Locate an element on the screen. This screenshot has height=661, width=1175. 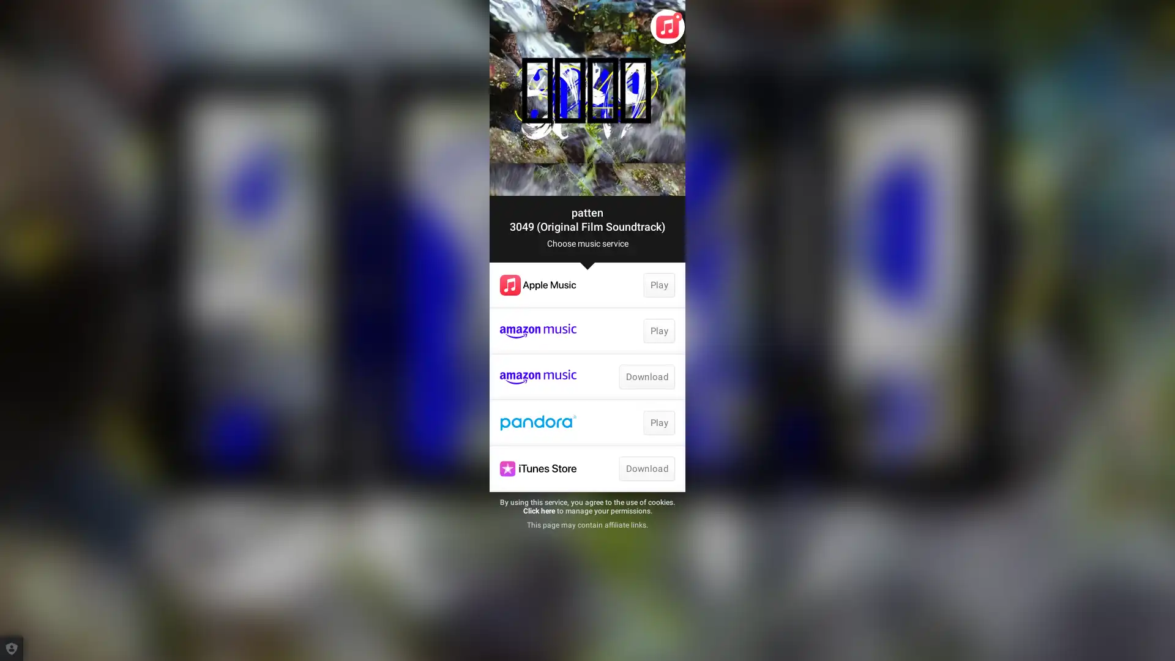
Play is located at coordinates (658, 285).